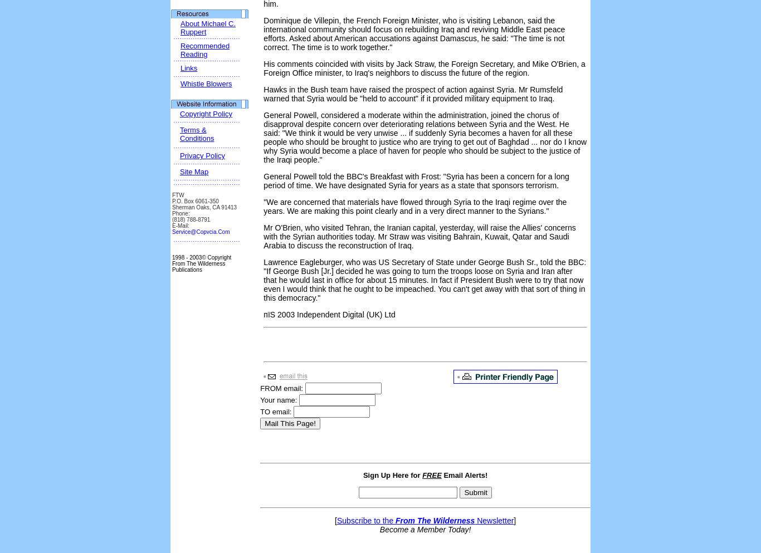 Image resolution: width=761 pixels, height=553 pixels. I want to click on 'FTW', so click(178, 195).